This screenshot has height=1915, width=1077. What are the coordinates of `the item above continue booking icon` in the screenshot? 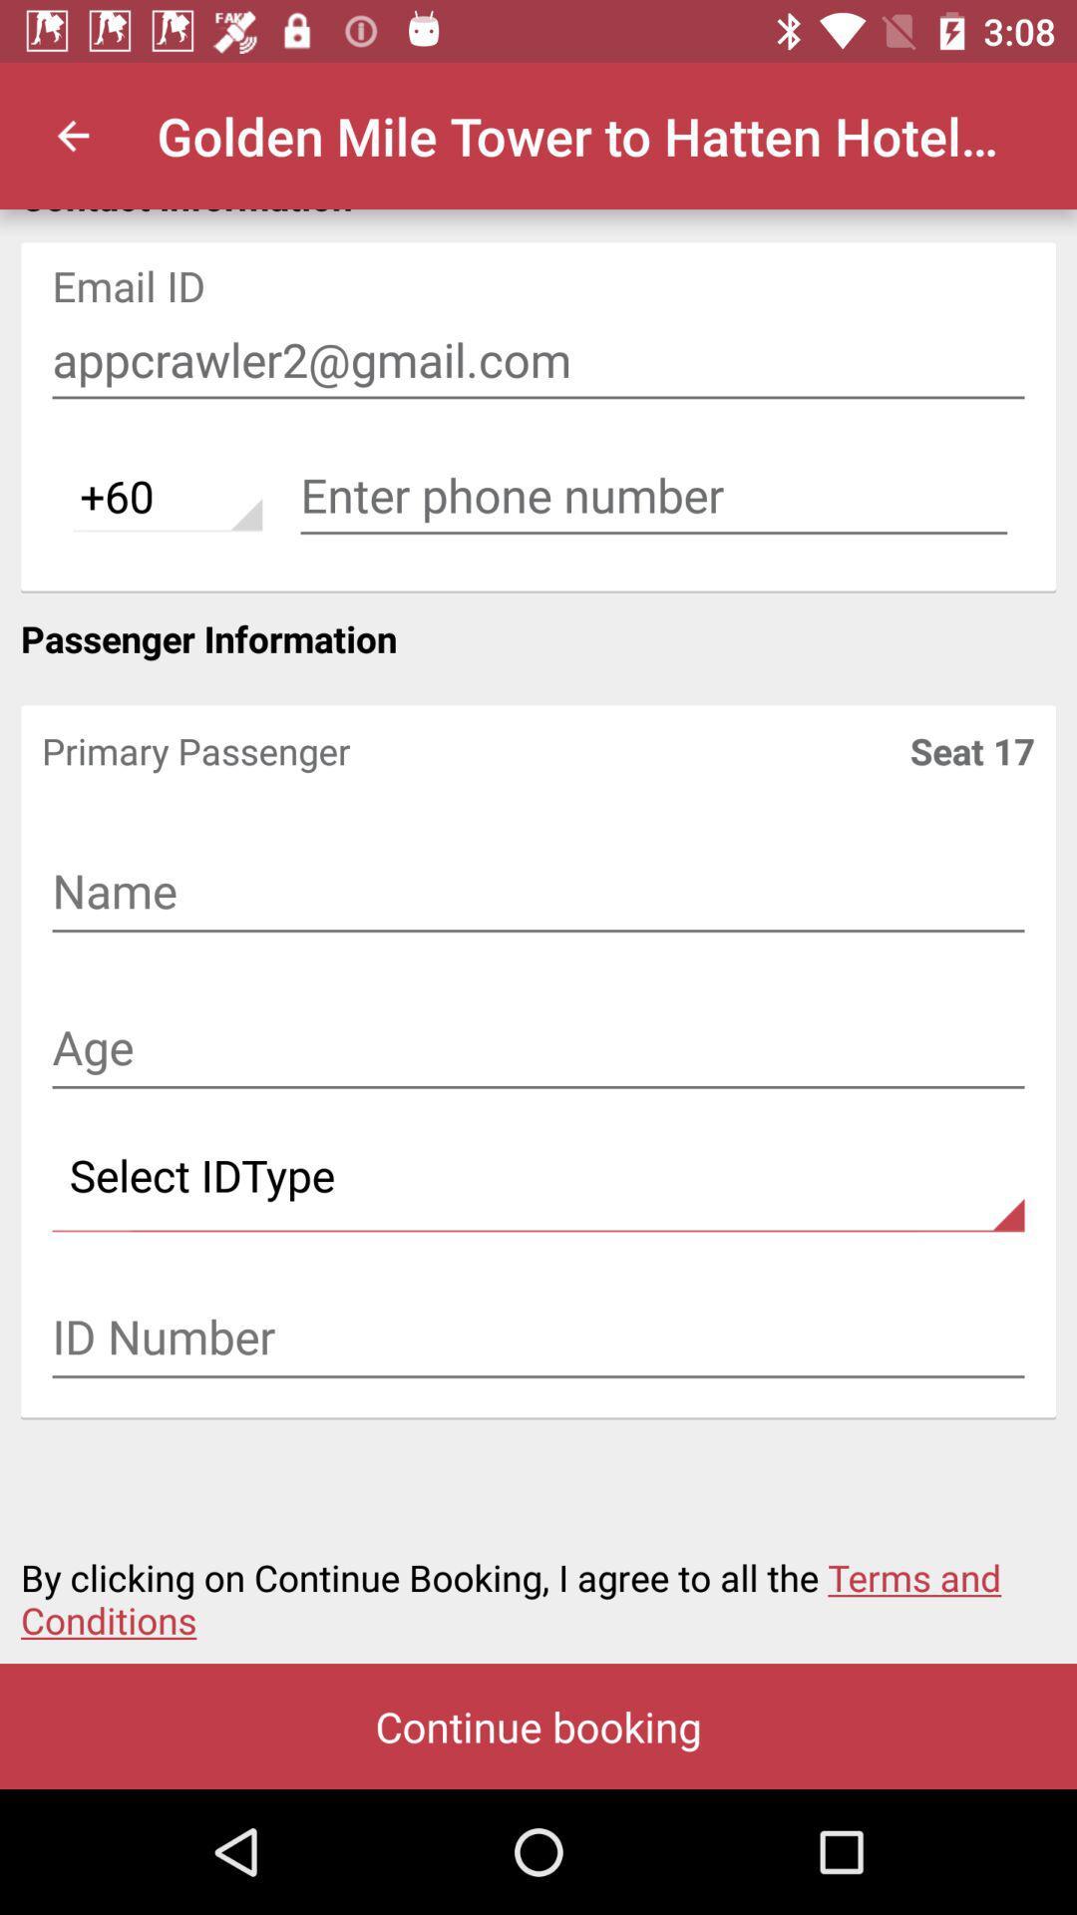 It's located at (538, 1586).